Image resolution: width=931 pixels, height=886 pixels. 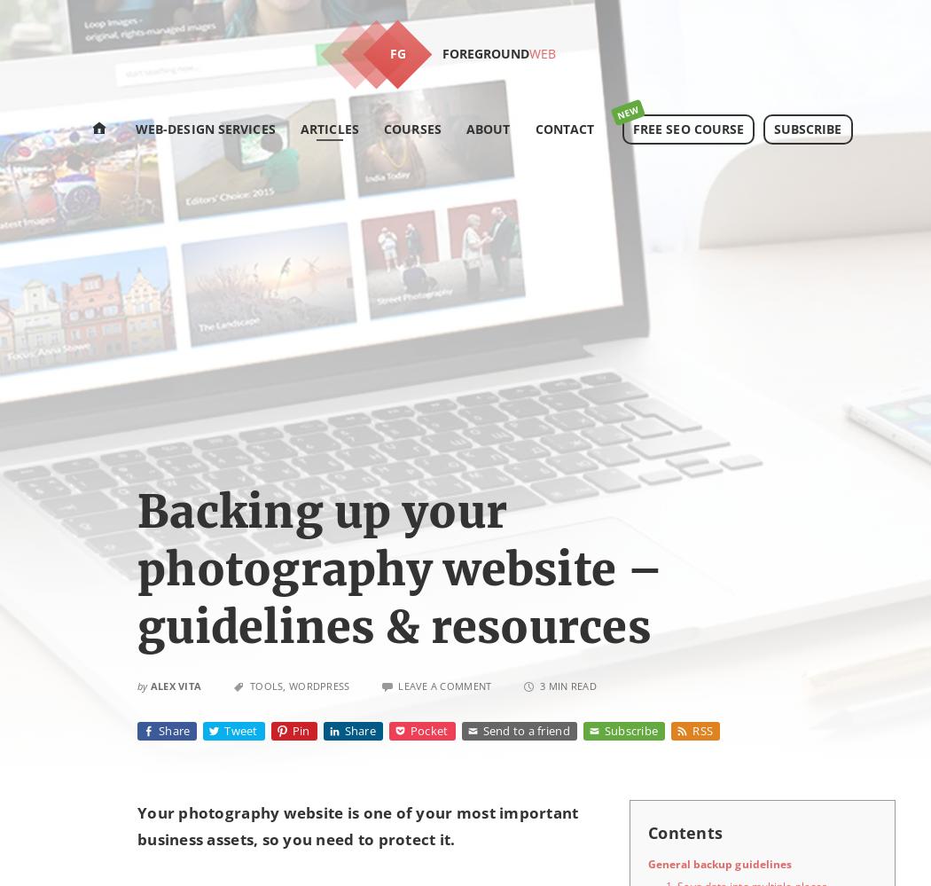 I want to click on ',', so click(x=286, y=685).